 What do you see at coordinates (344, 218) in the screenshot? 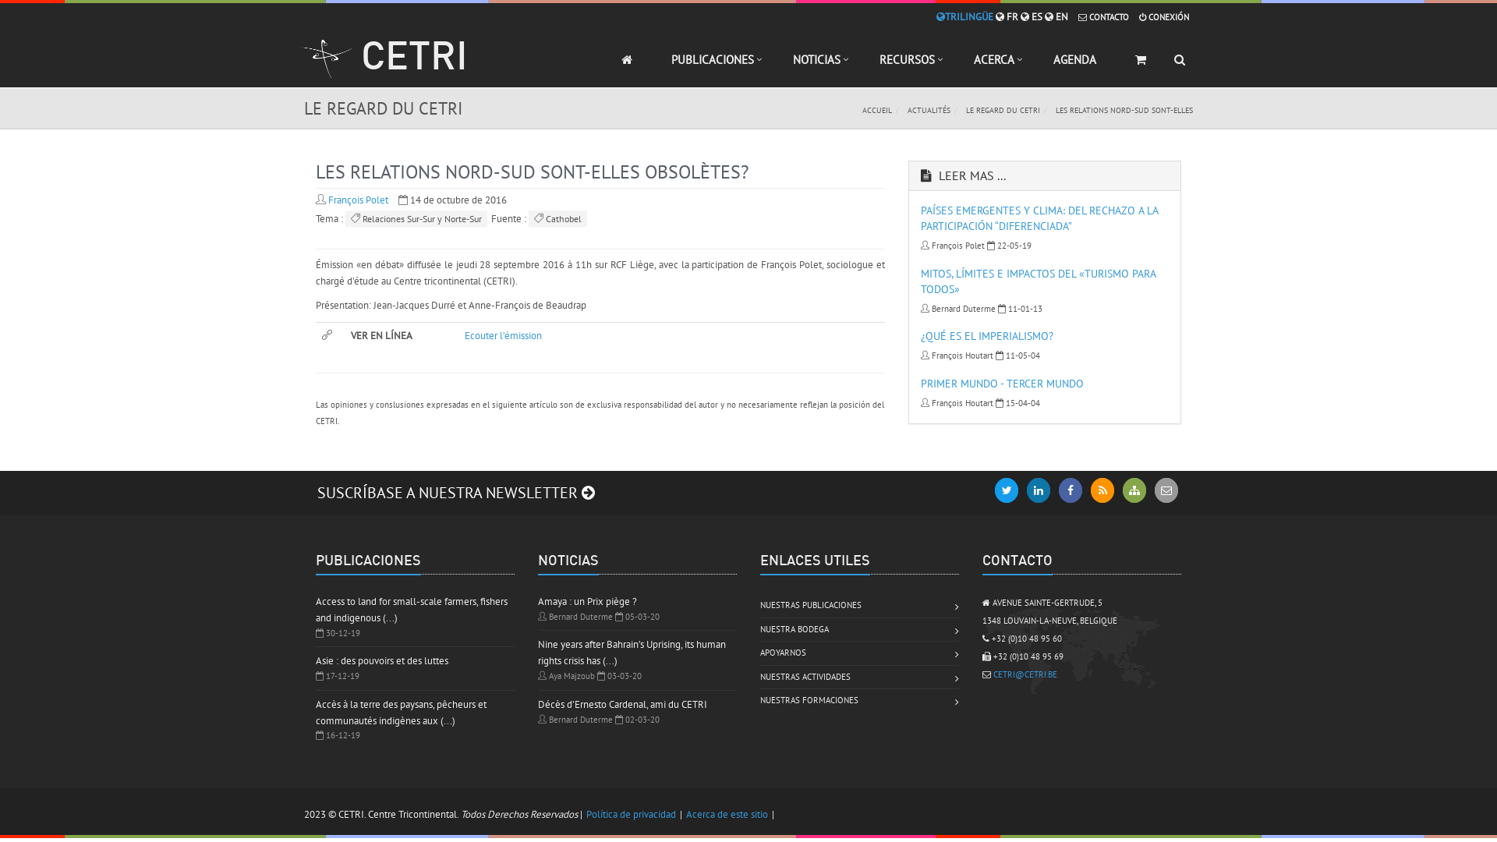
I see `'Relaciones Sur-Sur y Norte-Sur'` at bounding box center [344, 218].